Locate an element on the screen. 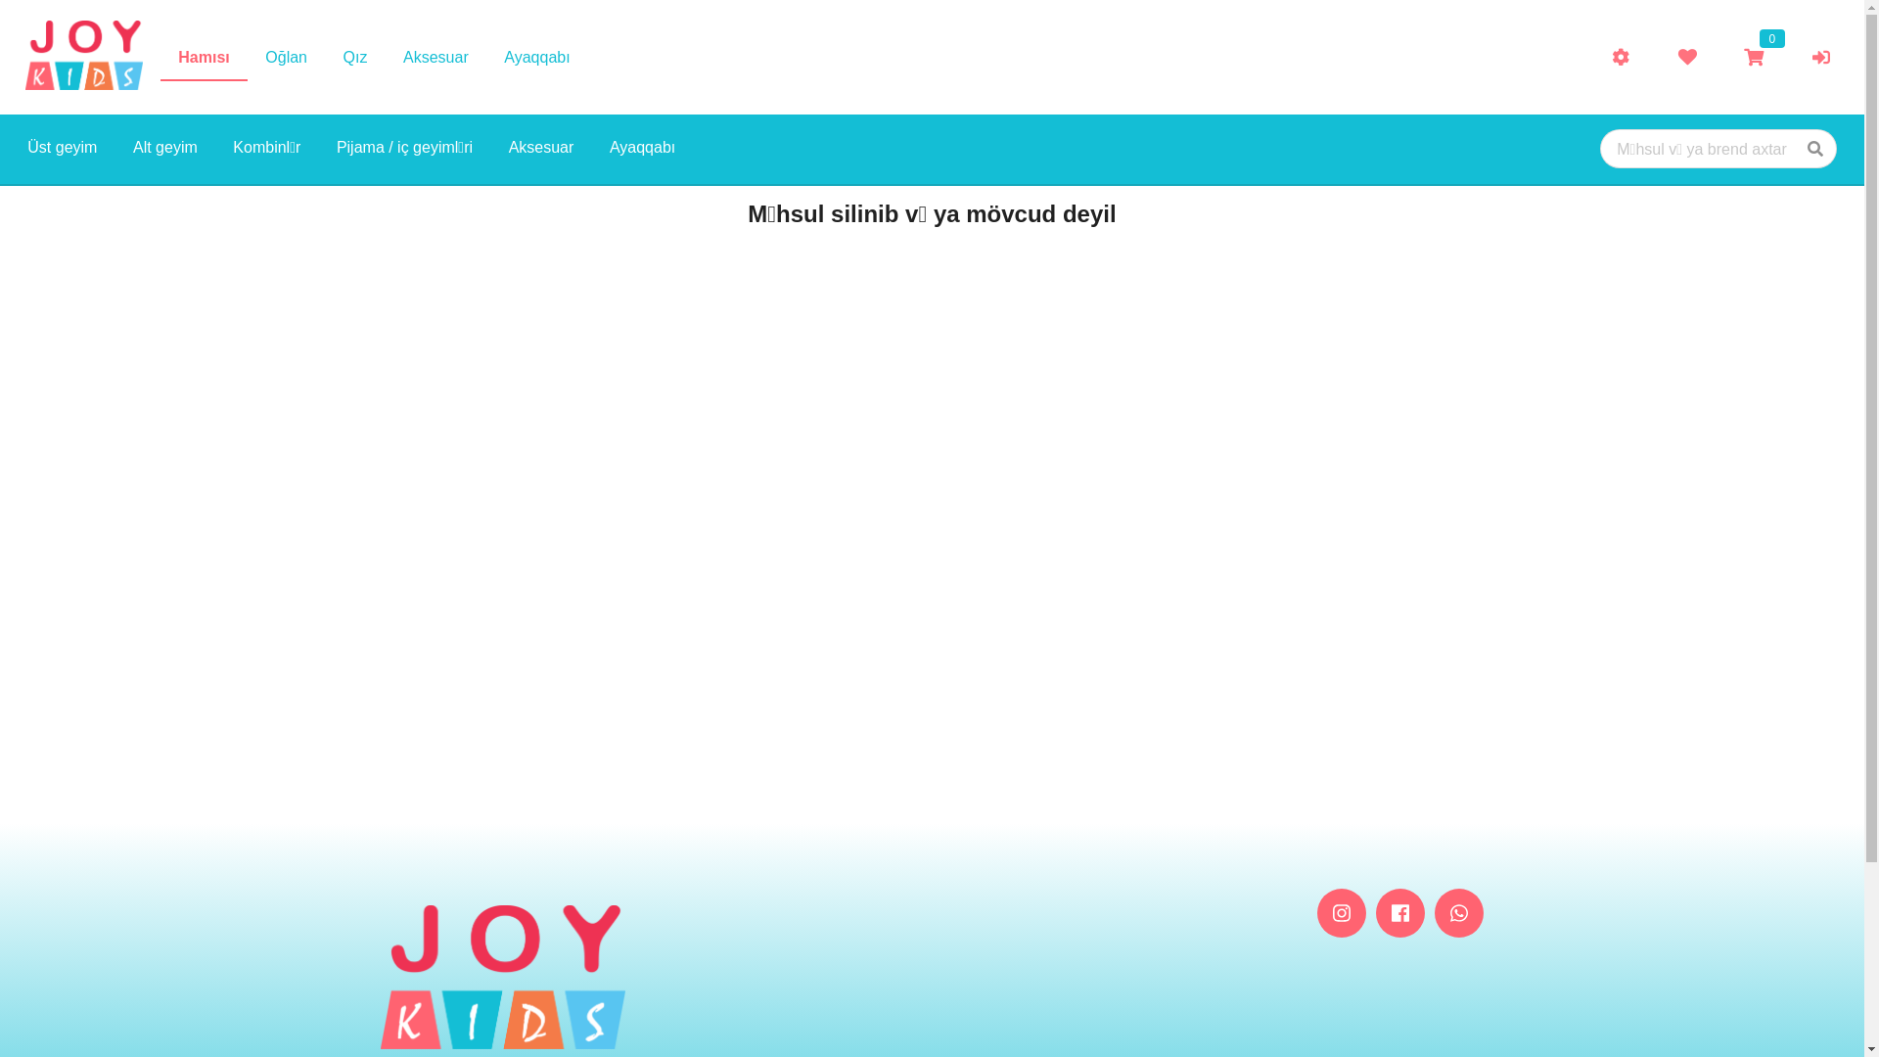  '0' is located at coordinates (1753, 56).